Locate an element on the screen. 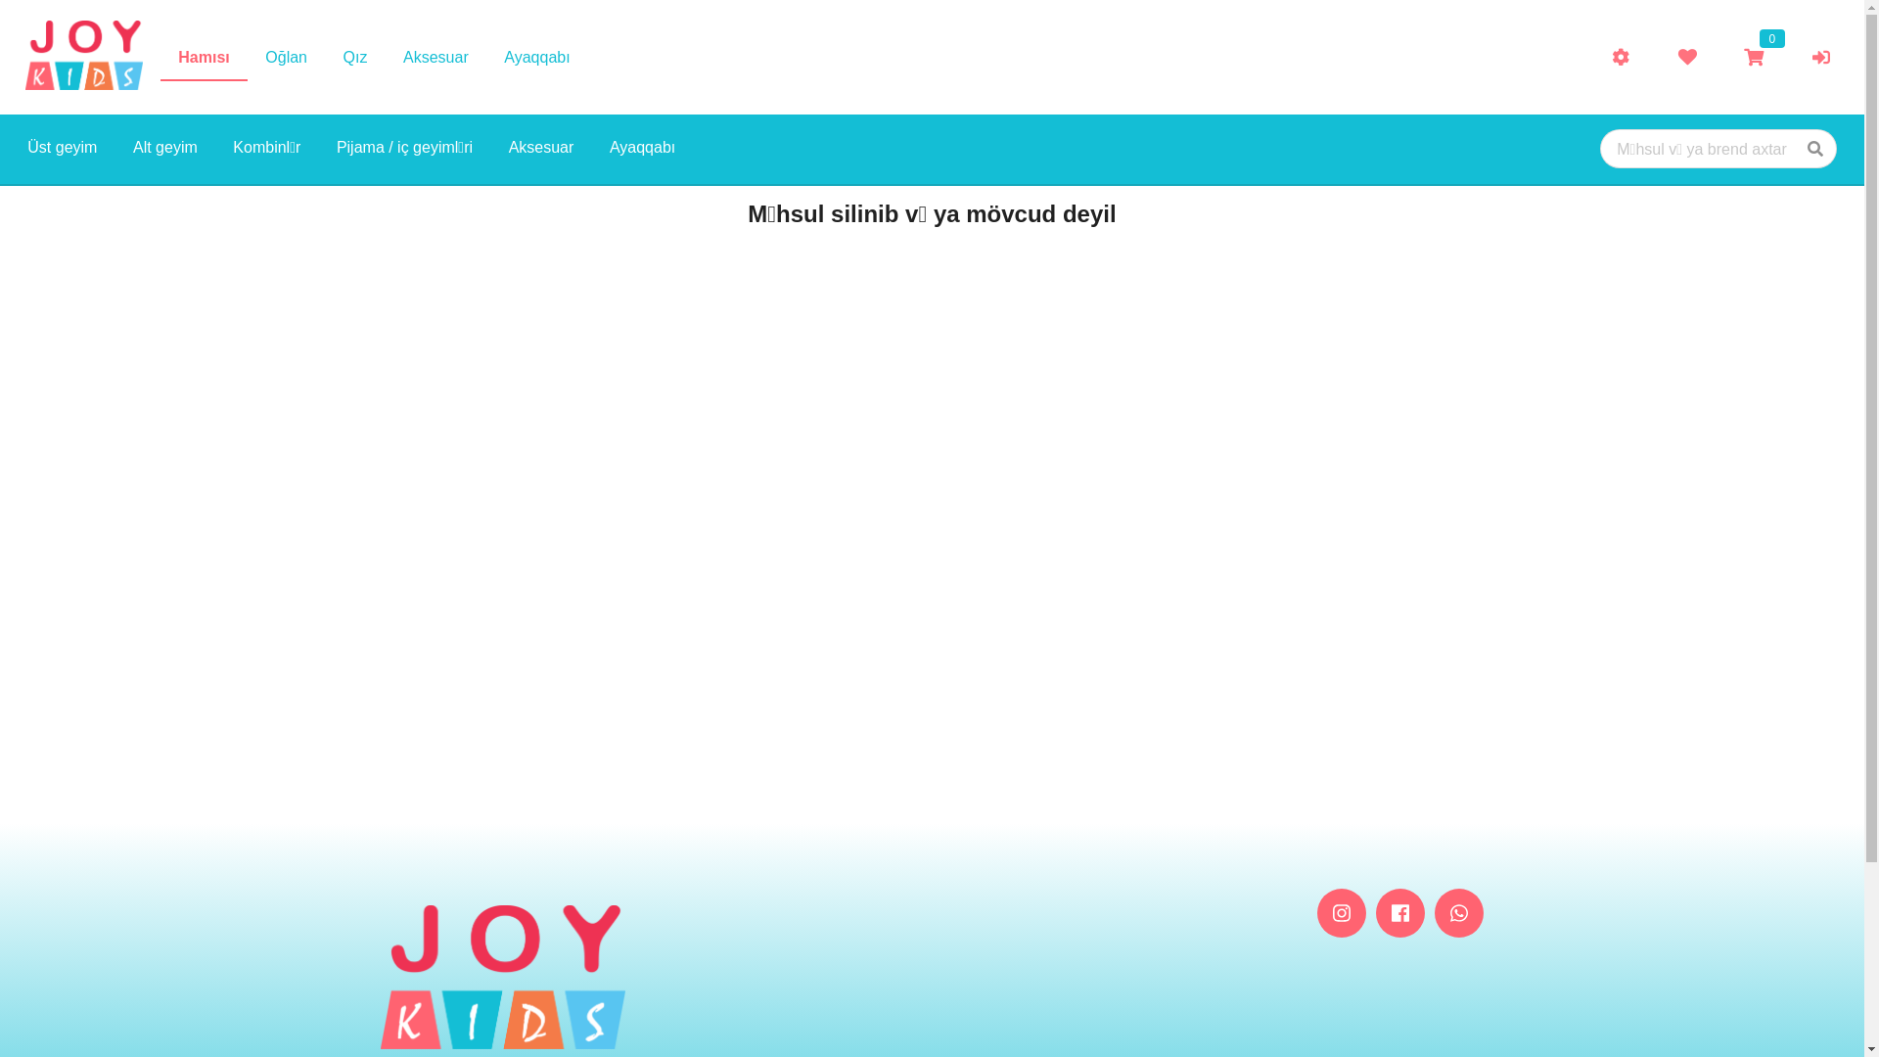  '0' is located at coordinates (1753, 56).